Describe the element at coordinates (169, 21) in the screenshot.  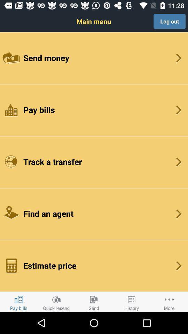
I see `the button above send money` at that location.